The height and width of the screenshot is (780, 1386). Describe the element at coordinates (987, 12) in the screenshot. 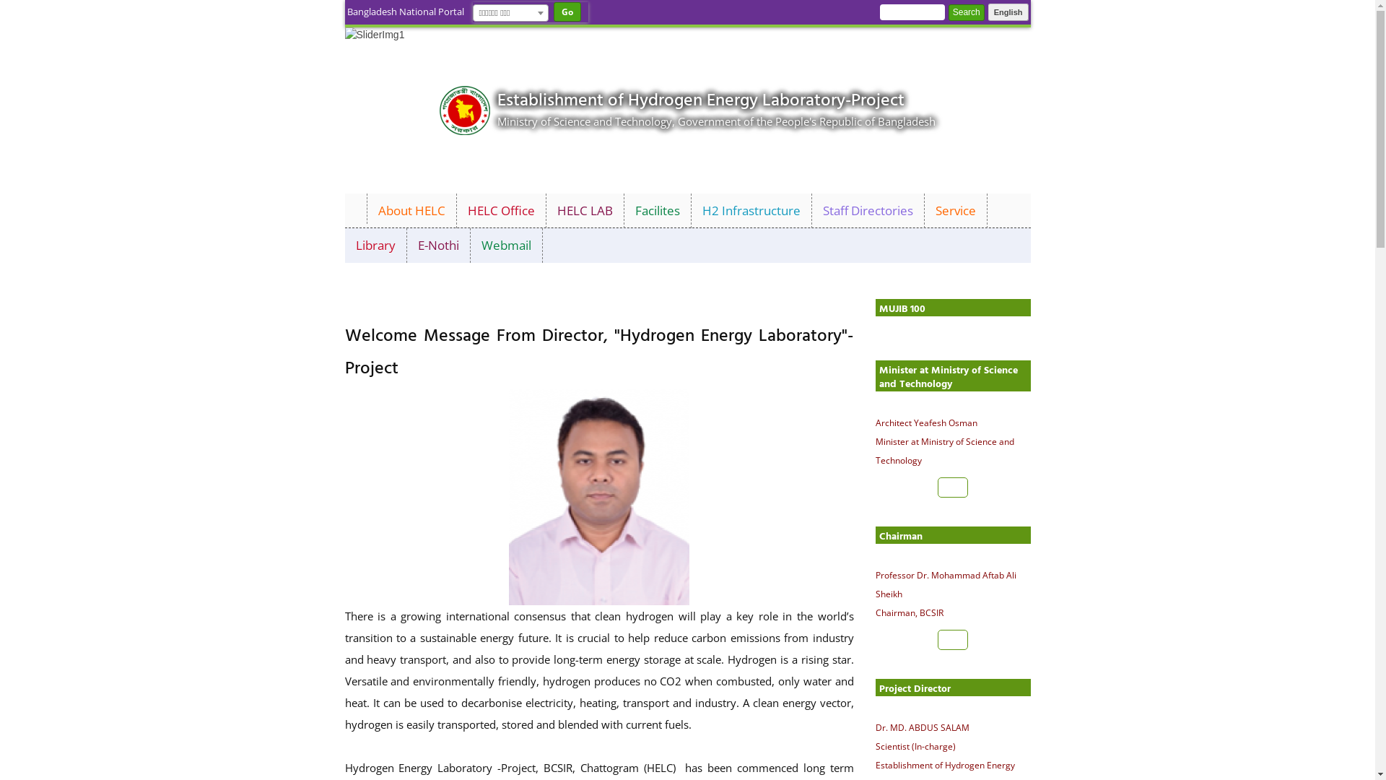

I see `'English'` at that location.